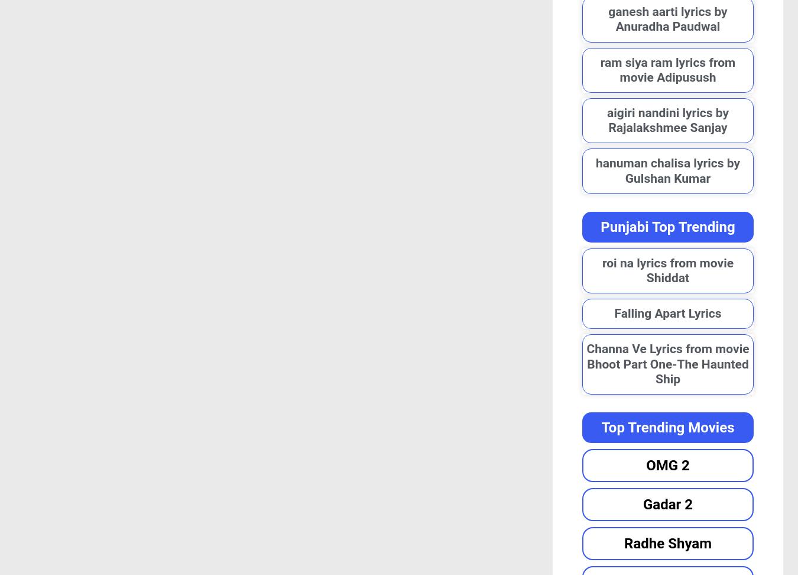 Image resolution: width=798 pixels, height=575 pixels. What do you see at coordinates (667, 119) in the screenshot?
I see `'aigiri nandini lyrics by Rajalakshmee Sanjay'` at bounding box center [667, 119].